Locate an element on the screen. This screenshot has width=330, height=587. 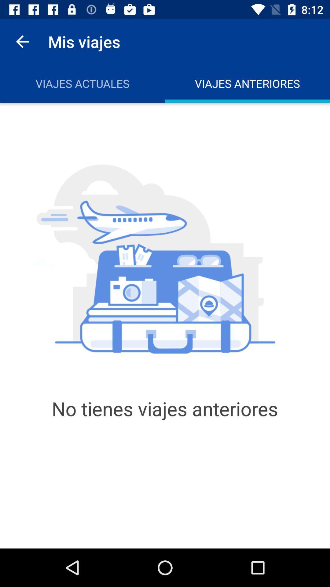
icon above viajes actuales icon is located at coordinates (22, 41).